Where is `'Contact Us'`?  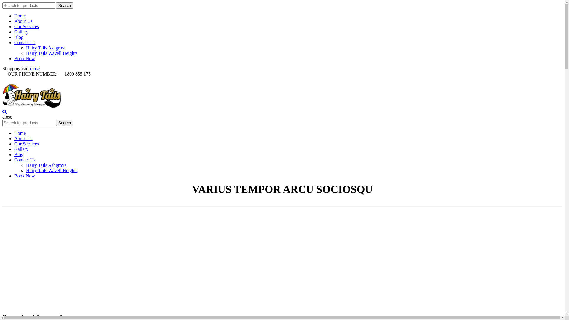 'Contact Us' is located at coordinates (14, 42).